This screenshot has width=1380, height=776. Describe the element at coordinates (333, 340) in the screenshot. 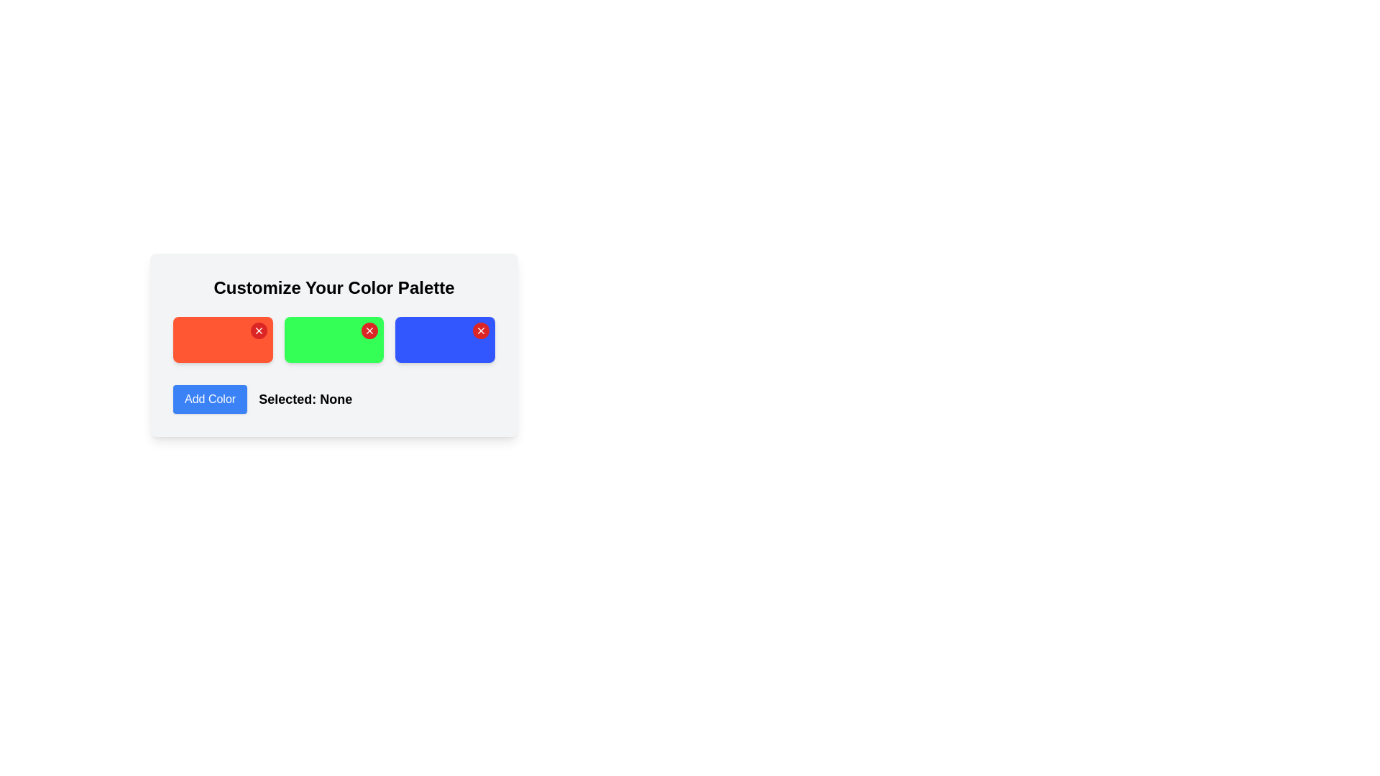

I see `the second button` at that location.